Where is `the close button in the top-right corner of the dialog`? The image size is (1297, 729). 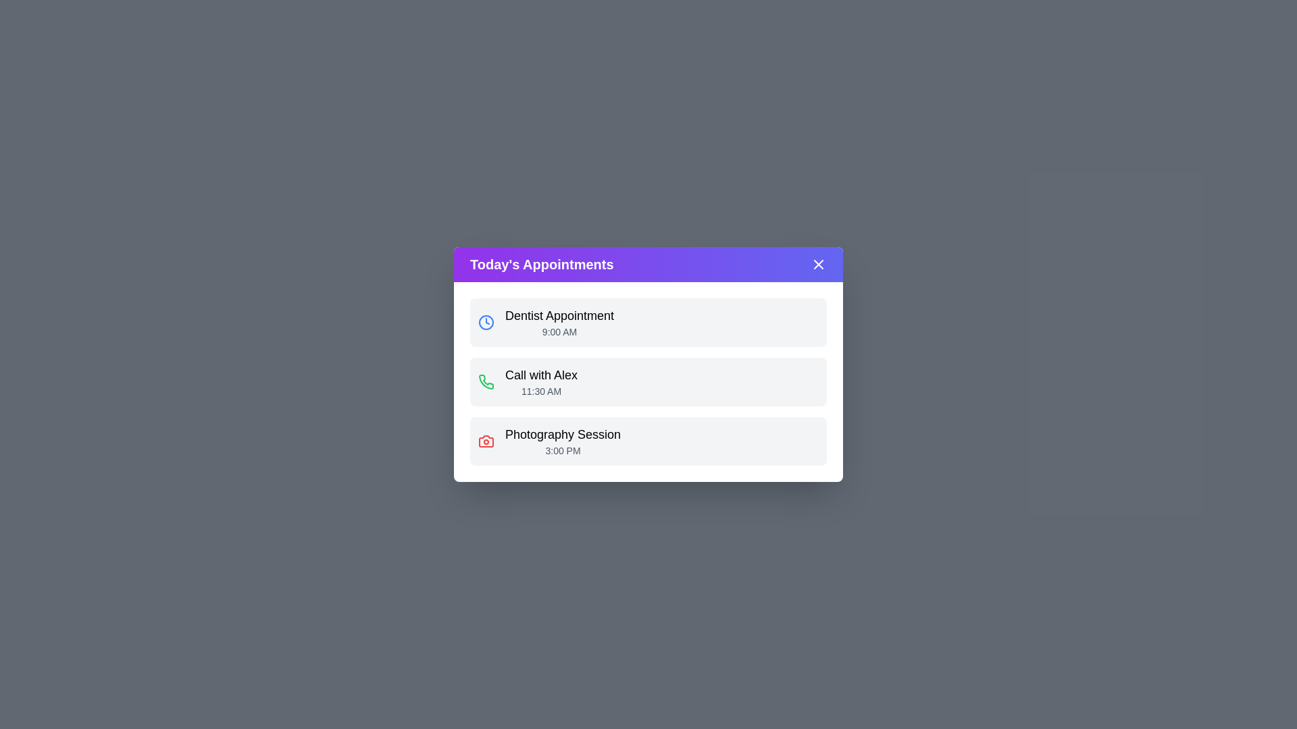
the close button in the top-right corner of the dialog is located at coordinates (817, 265).